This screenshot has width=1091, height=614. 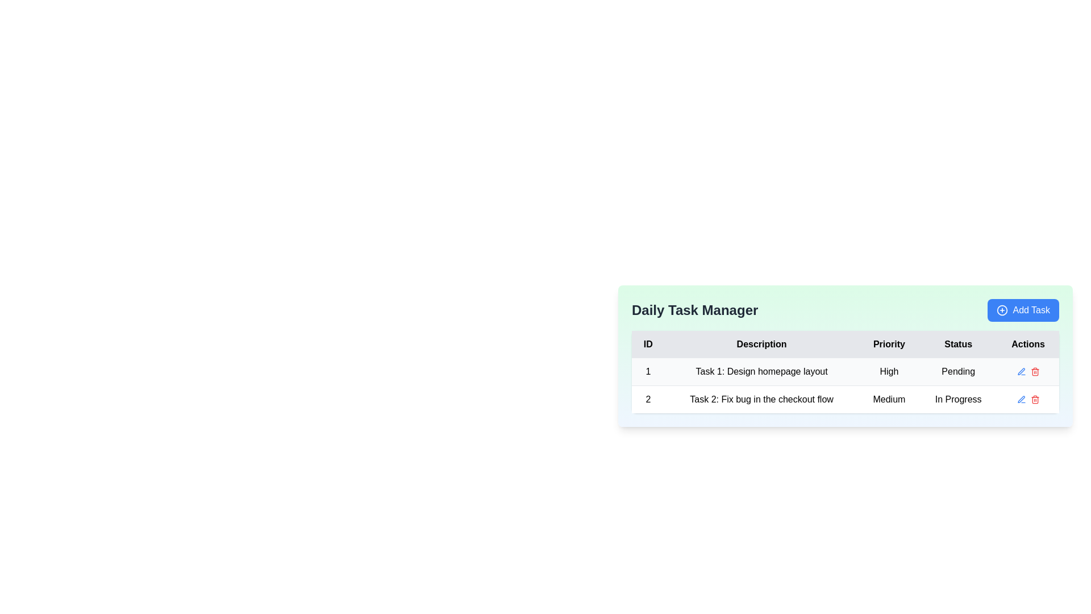 I want to click on the red trash icon button in the Actions column for the task labeled 'Task 2: Fix bug in the checkout flow', so click(x=1035, y=399).